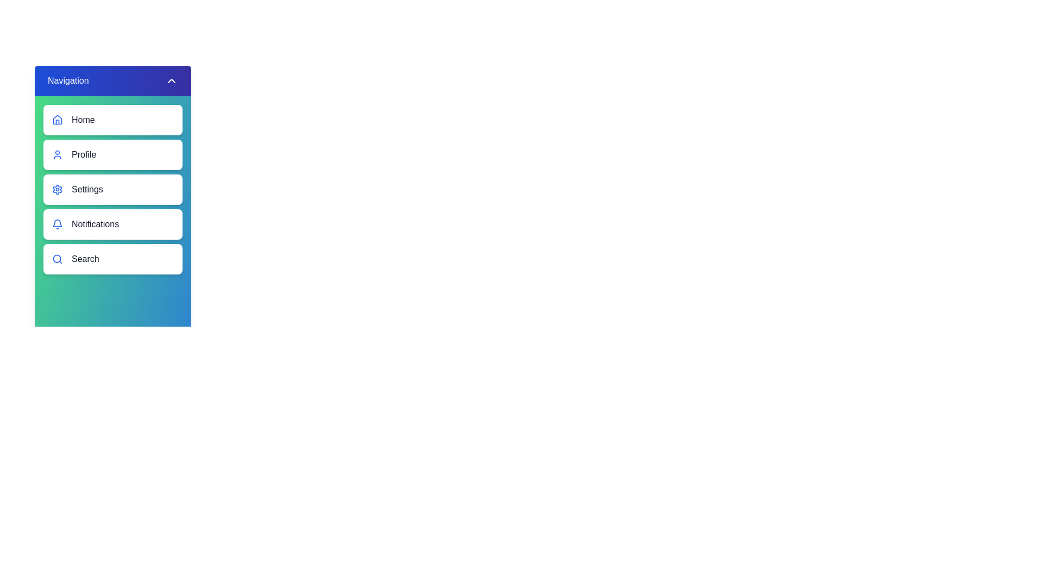  Describe the element at coordinates (95, 223) in the screenshot. I see `the 'Notifications' text label in the navigation menu, which indicates the option will lead to notifications` at that location.